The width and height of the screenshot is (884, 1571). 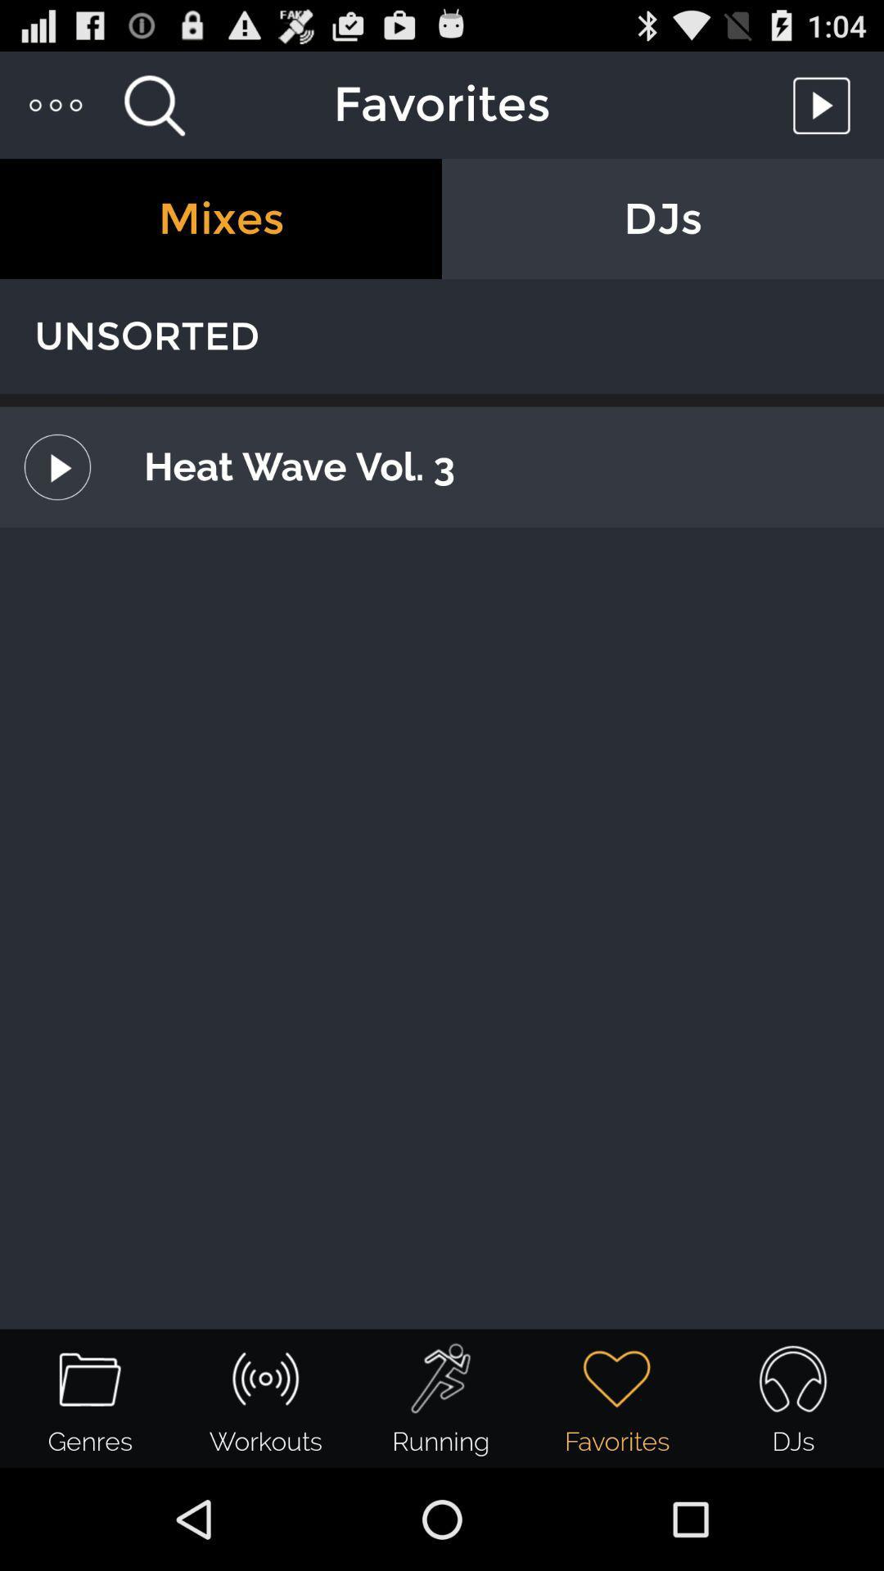 I want to click on djs, so click(x=663, y=218).